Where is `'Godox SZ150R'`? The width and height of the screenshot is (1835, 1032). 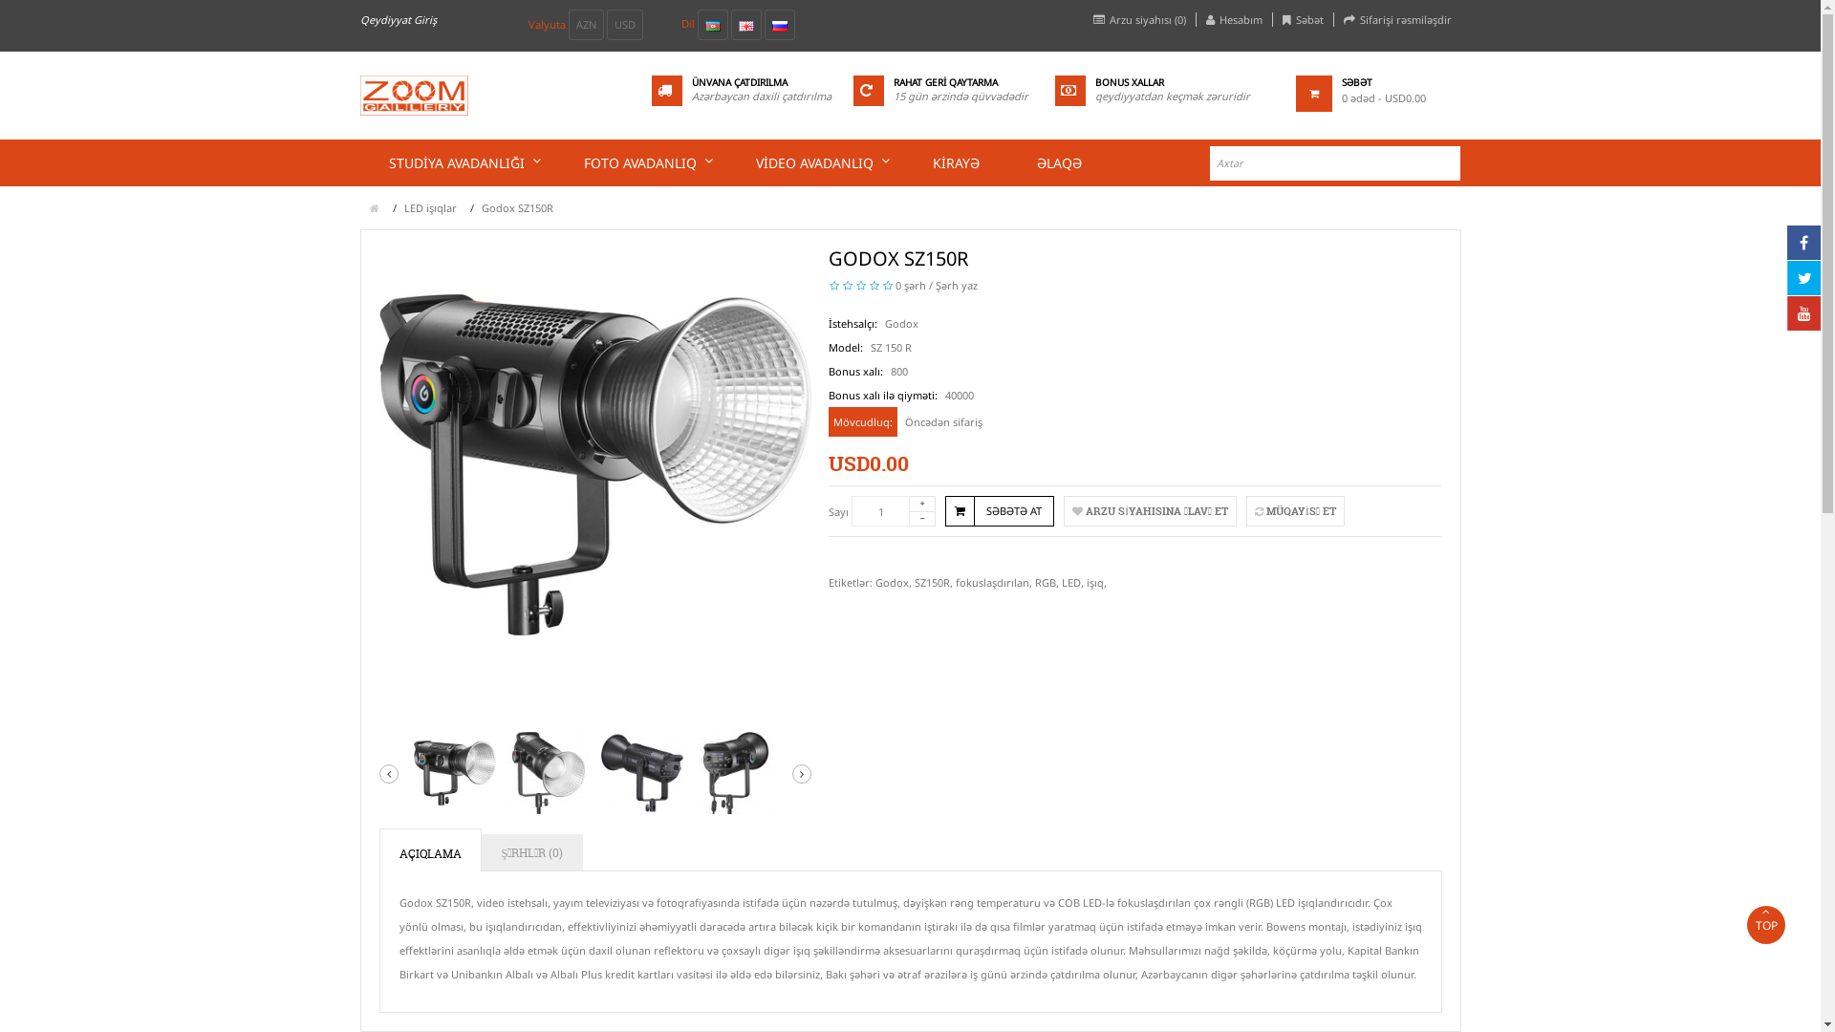 'Godox SZ150R' is located at coordinates (412, 772).